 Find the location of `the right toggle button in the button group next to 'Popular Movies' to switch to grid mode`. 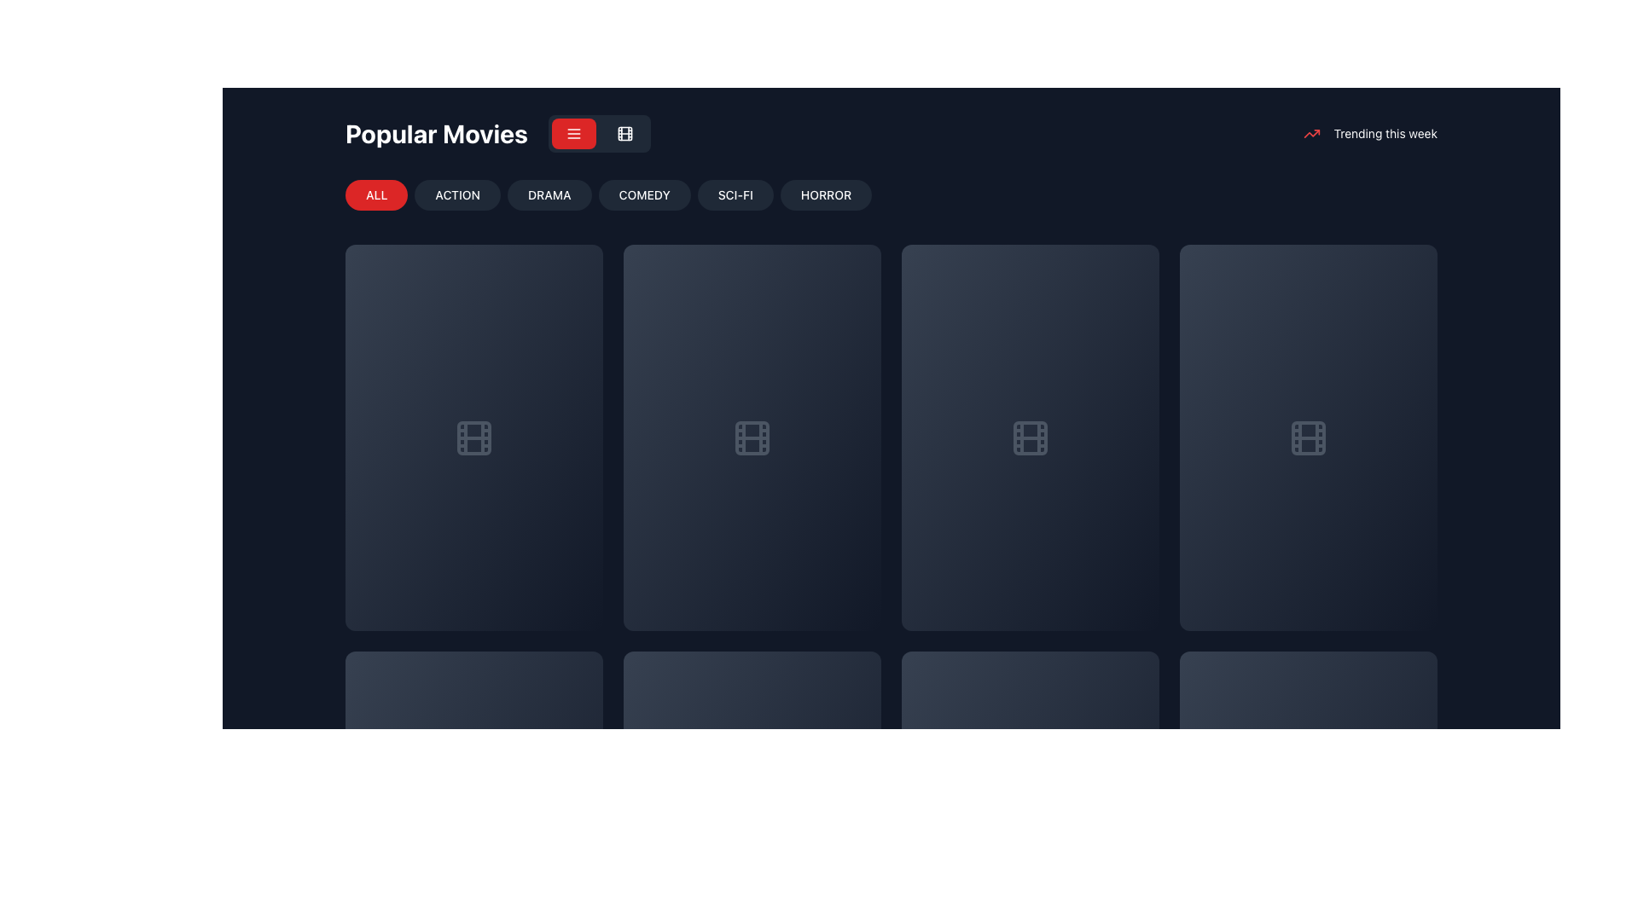

the right toggle button in the button group next to 'Popular Movies' to switch to grid mode is located at coordinates (599, 133).